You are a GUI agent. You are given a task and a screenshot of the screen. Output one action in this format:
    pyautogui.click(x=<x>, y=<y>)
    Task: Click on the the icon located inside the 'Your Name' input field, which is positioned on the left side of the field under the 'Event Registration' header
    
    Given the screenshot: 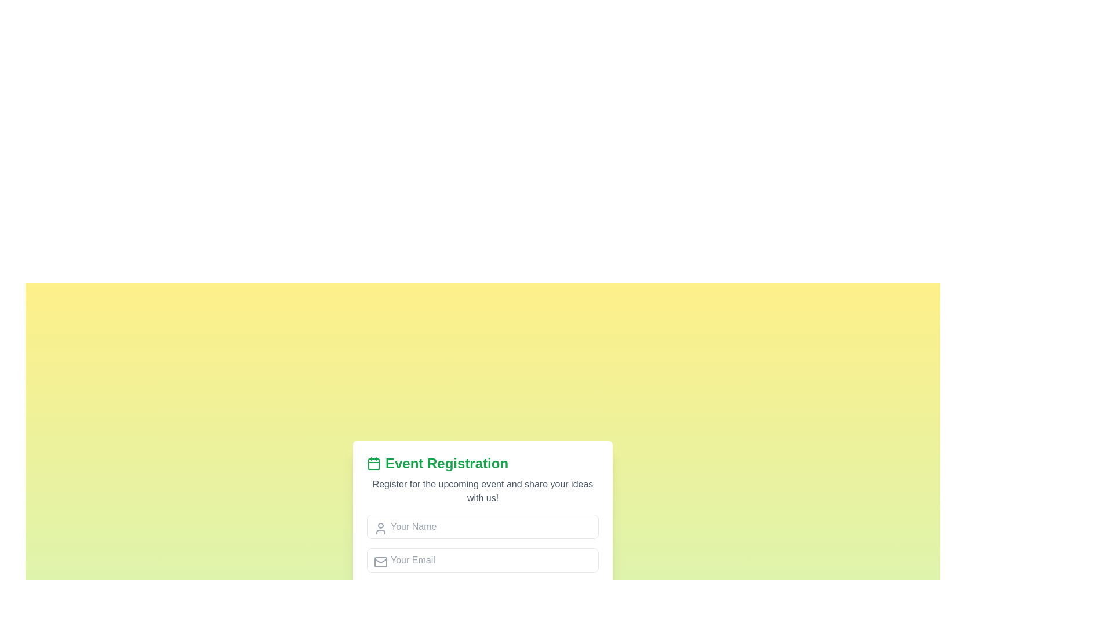 What is the action you would take?
    pyautogui.click(x=381, y=527)
    